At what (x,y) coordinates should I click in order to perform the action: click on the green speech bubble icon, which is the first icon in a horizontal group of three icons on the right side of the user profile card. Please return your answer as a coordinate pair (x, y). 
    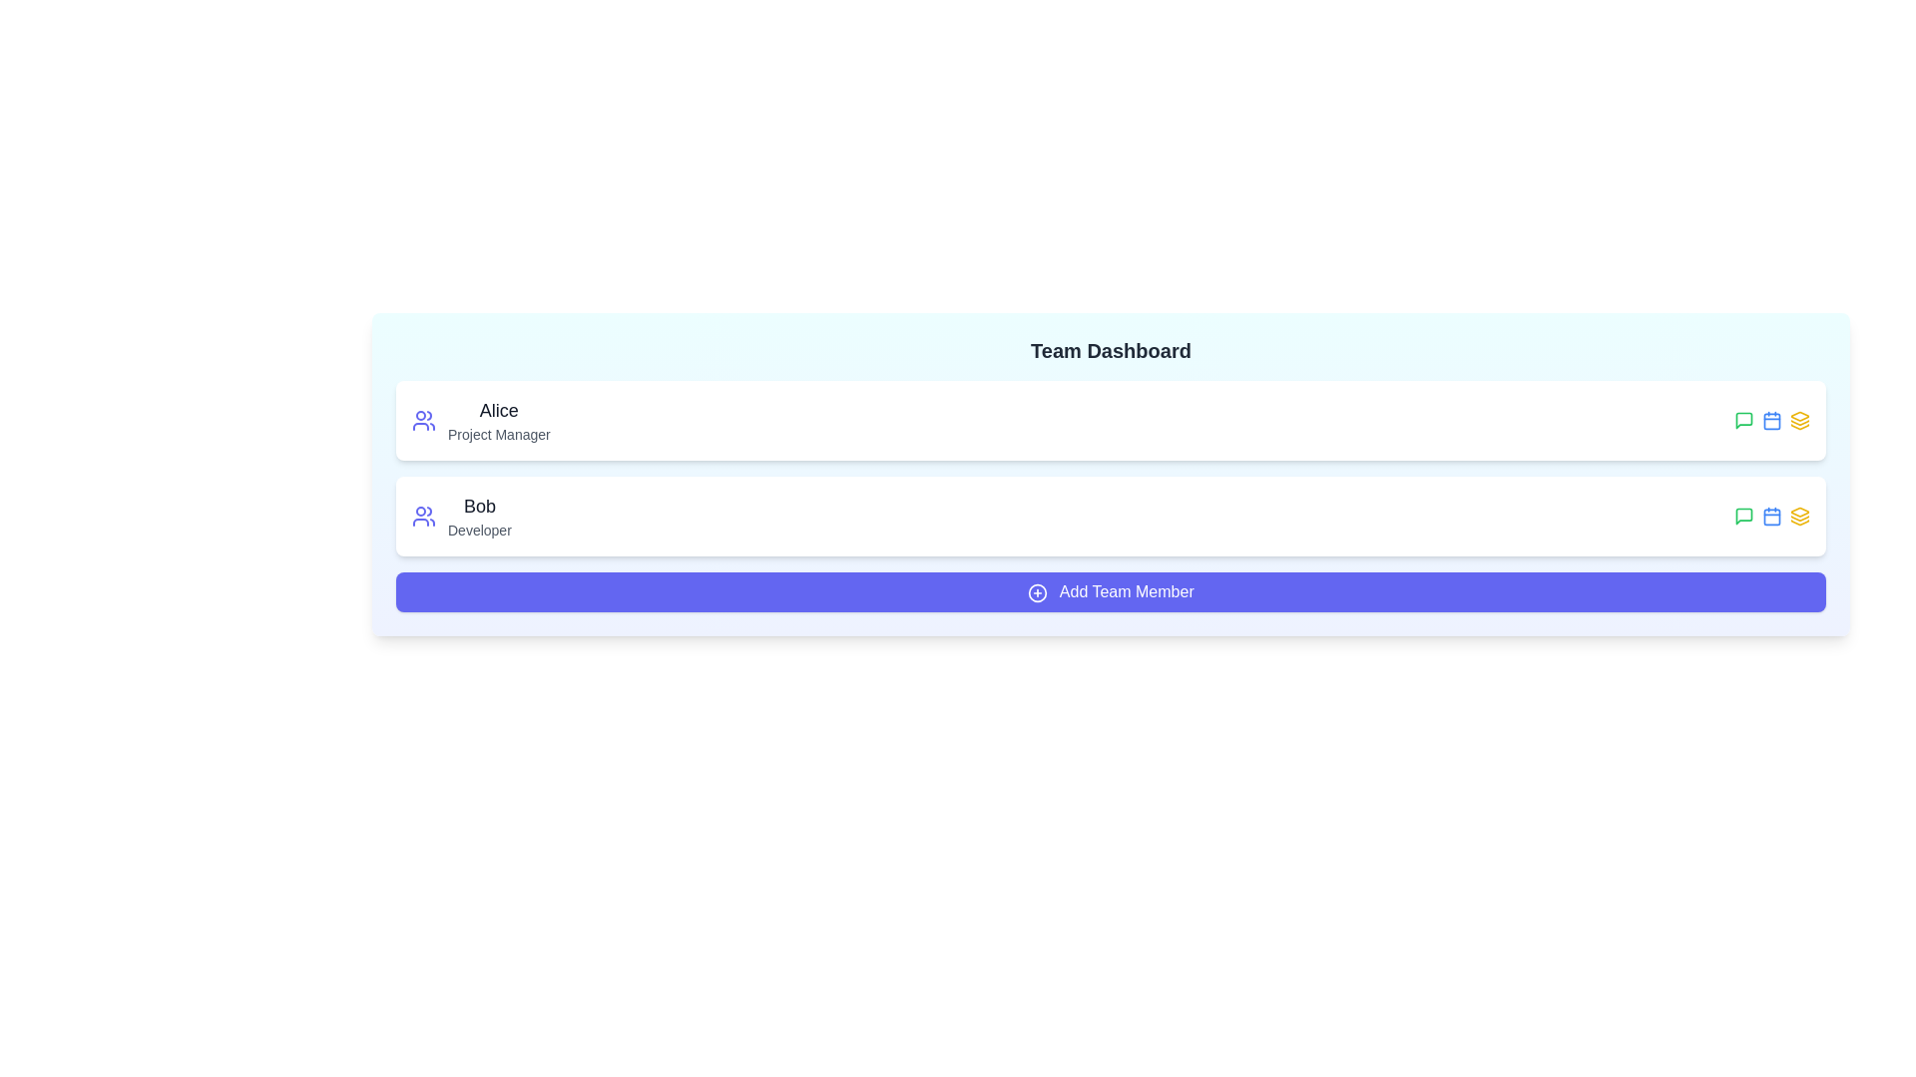
    Looking at the image, I should click on (1742, 515).